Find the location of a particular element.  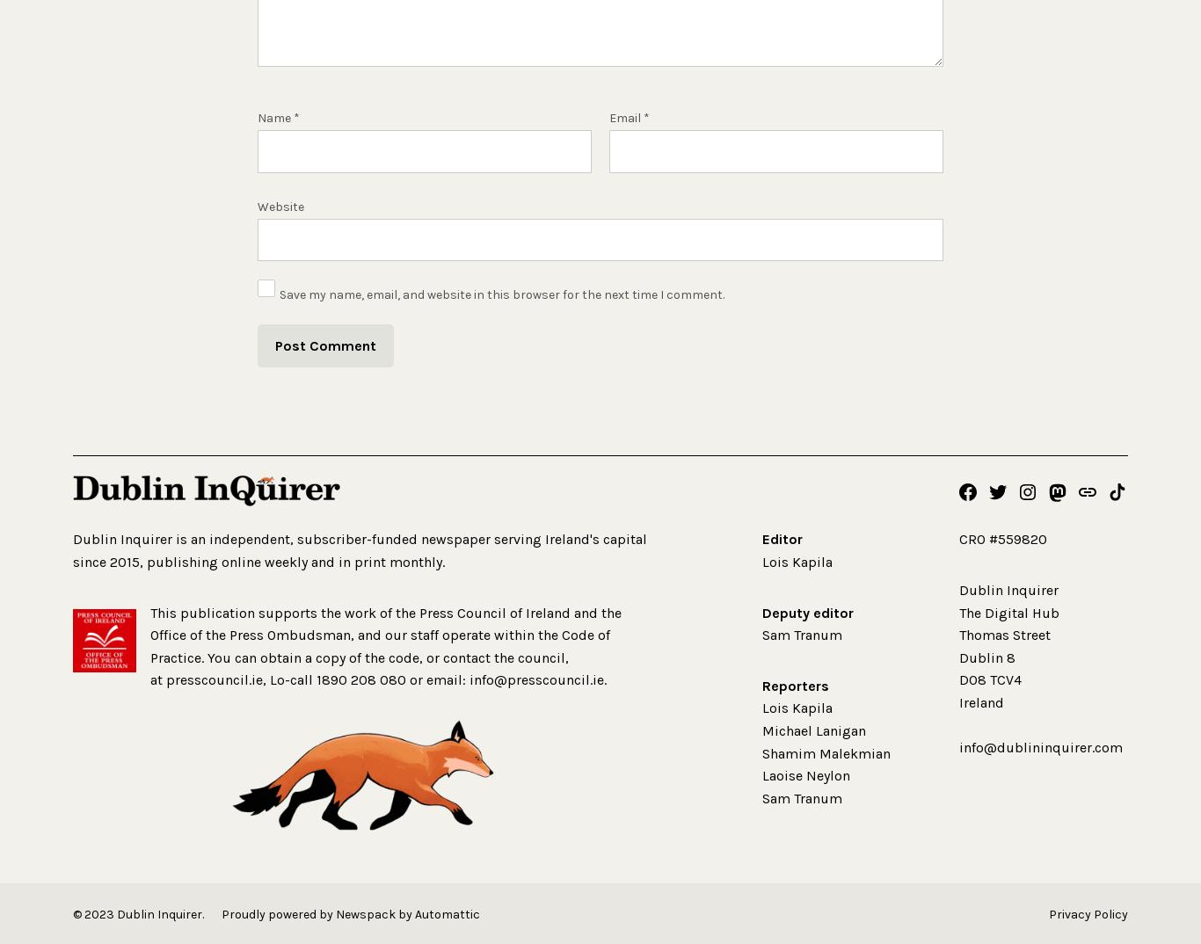

'Reporters' is located at coordinates (794, 684).